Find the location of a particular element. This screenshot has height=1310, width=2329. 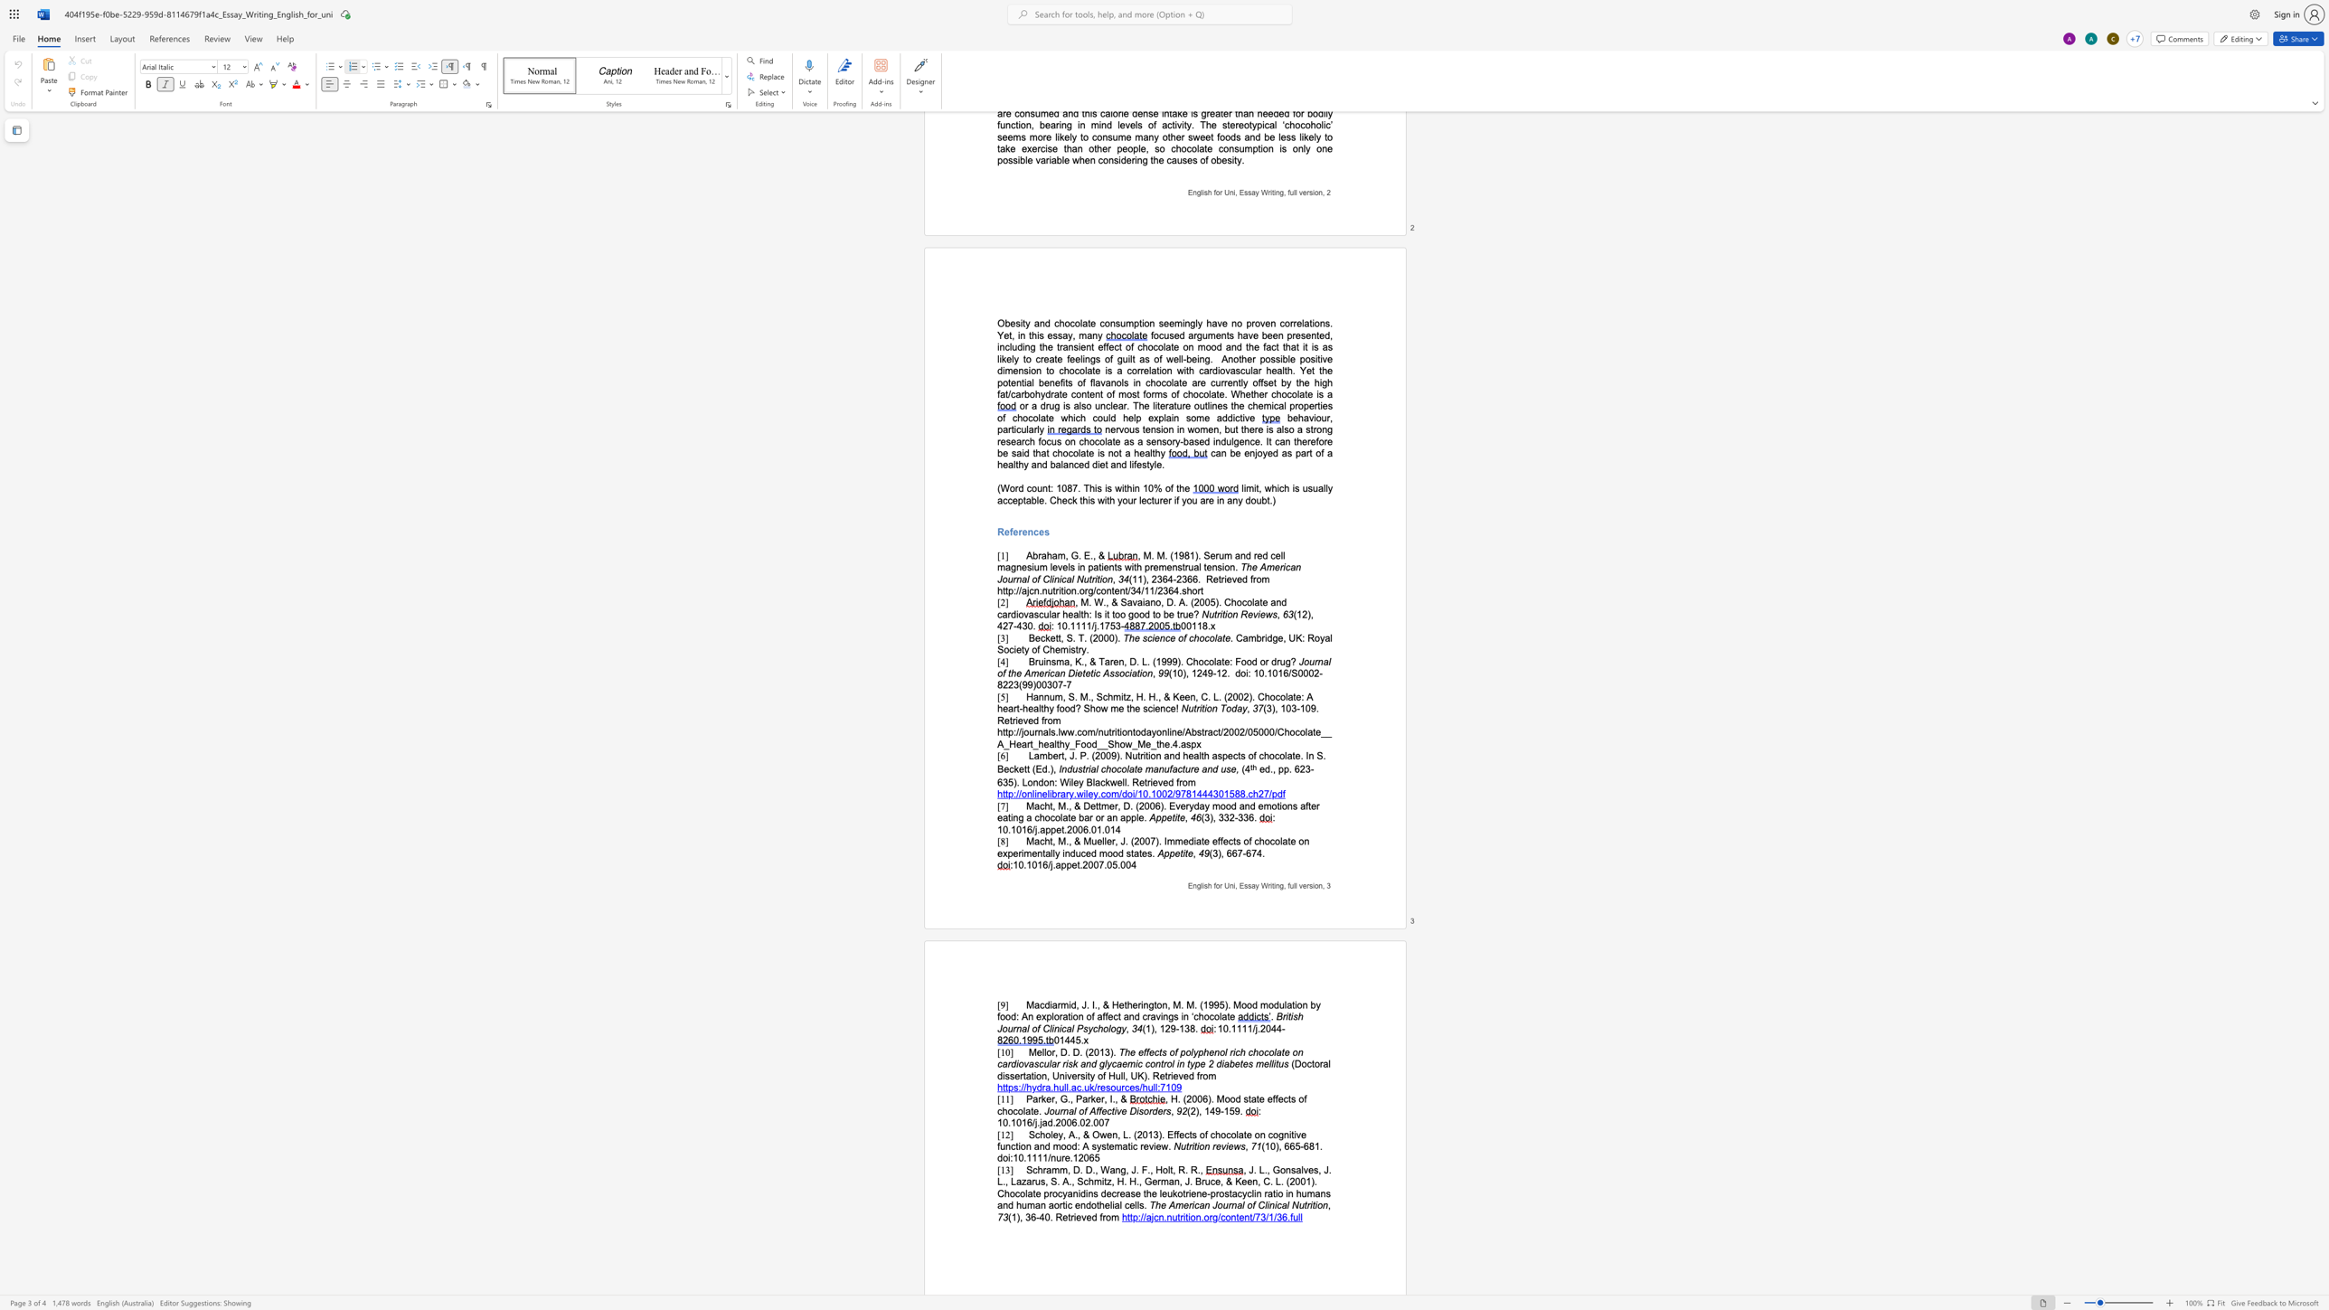

the space between the continuous character "u" and "f" in the text is located at coordinates (1168, 769).